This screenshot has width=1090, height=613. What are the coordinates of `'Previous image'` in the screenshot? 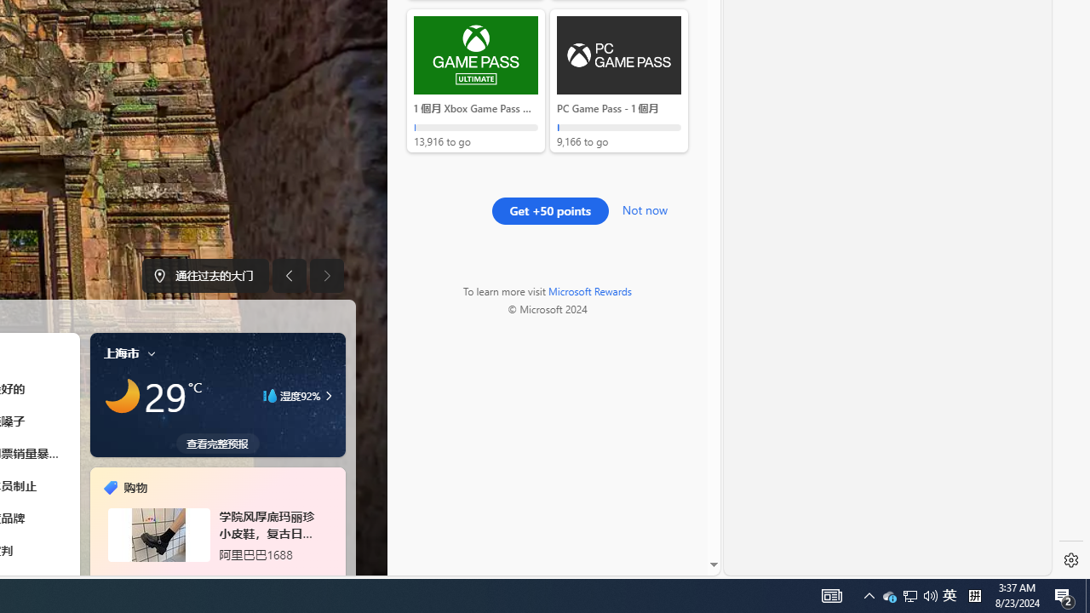 It's located at (289, 275).